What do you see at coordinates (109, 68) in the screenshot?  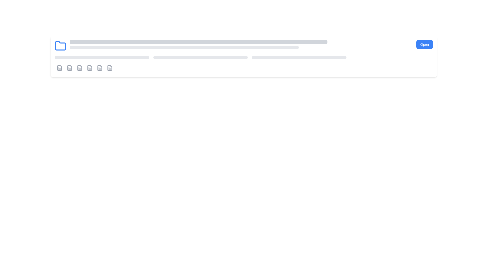 I see `the gray document icon with rounded corners, which is the sixth element from the left in a horizontal arrangement` at bounding box center [109, 68].